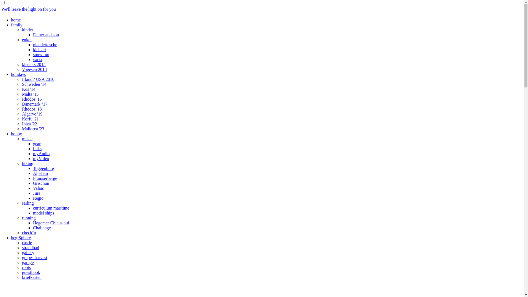 This screenshot has height=297, width=528. What do you see at coordinates (22, 99) in the screenshot?
I see `'Rhodos '15'` at bounding box center [22, 99].